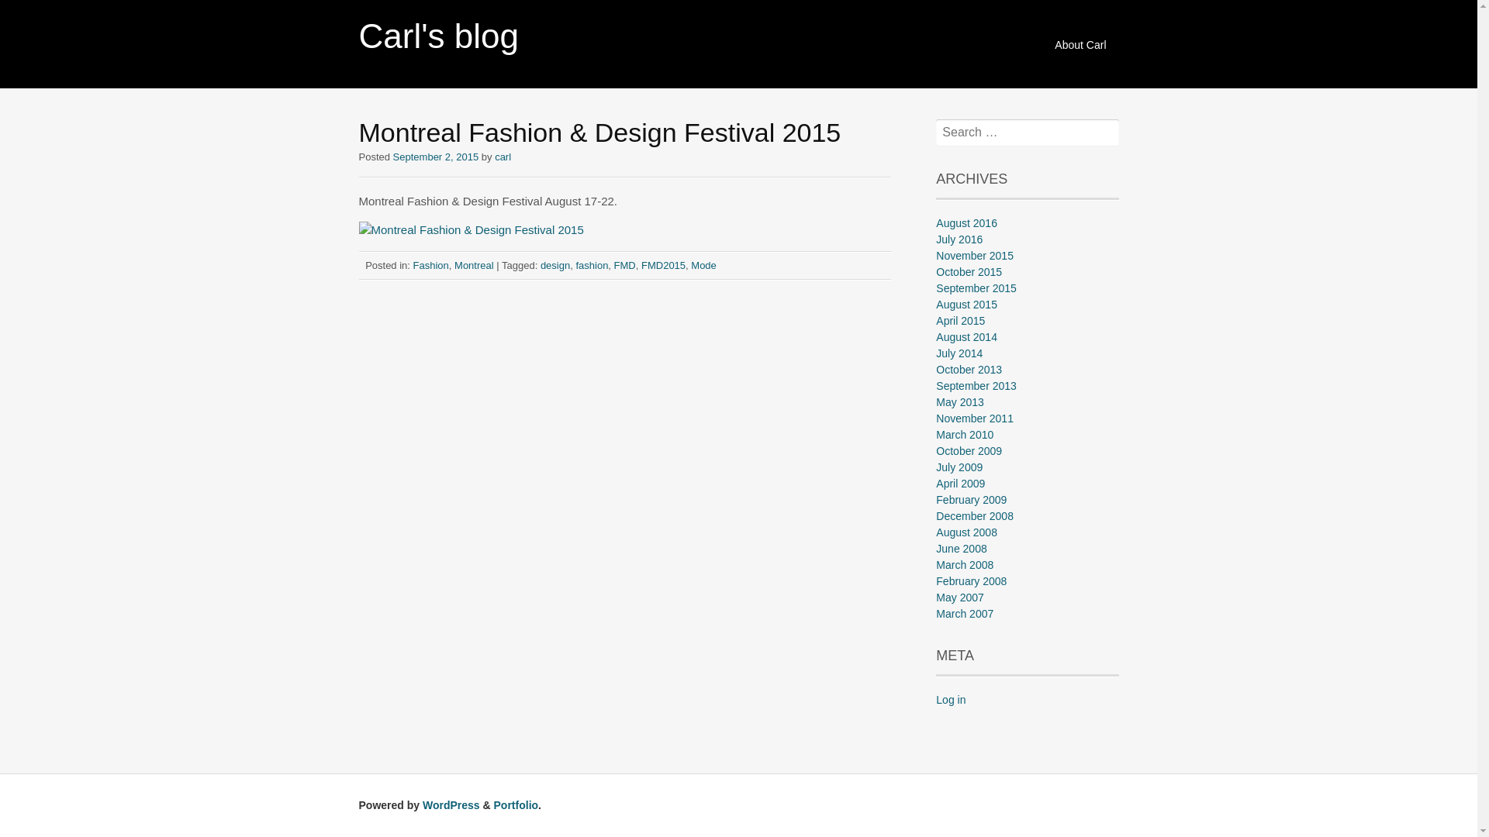 This screenshot has height=837, width=1489. What do you see at coordinates (968, 451) in the screenshot?
I see `'October 2009'` at bounding box center [968, 451].